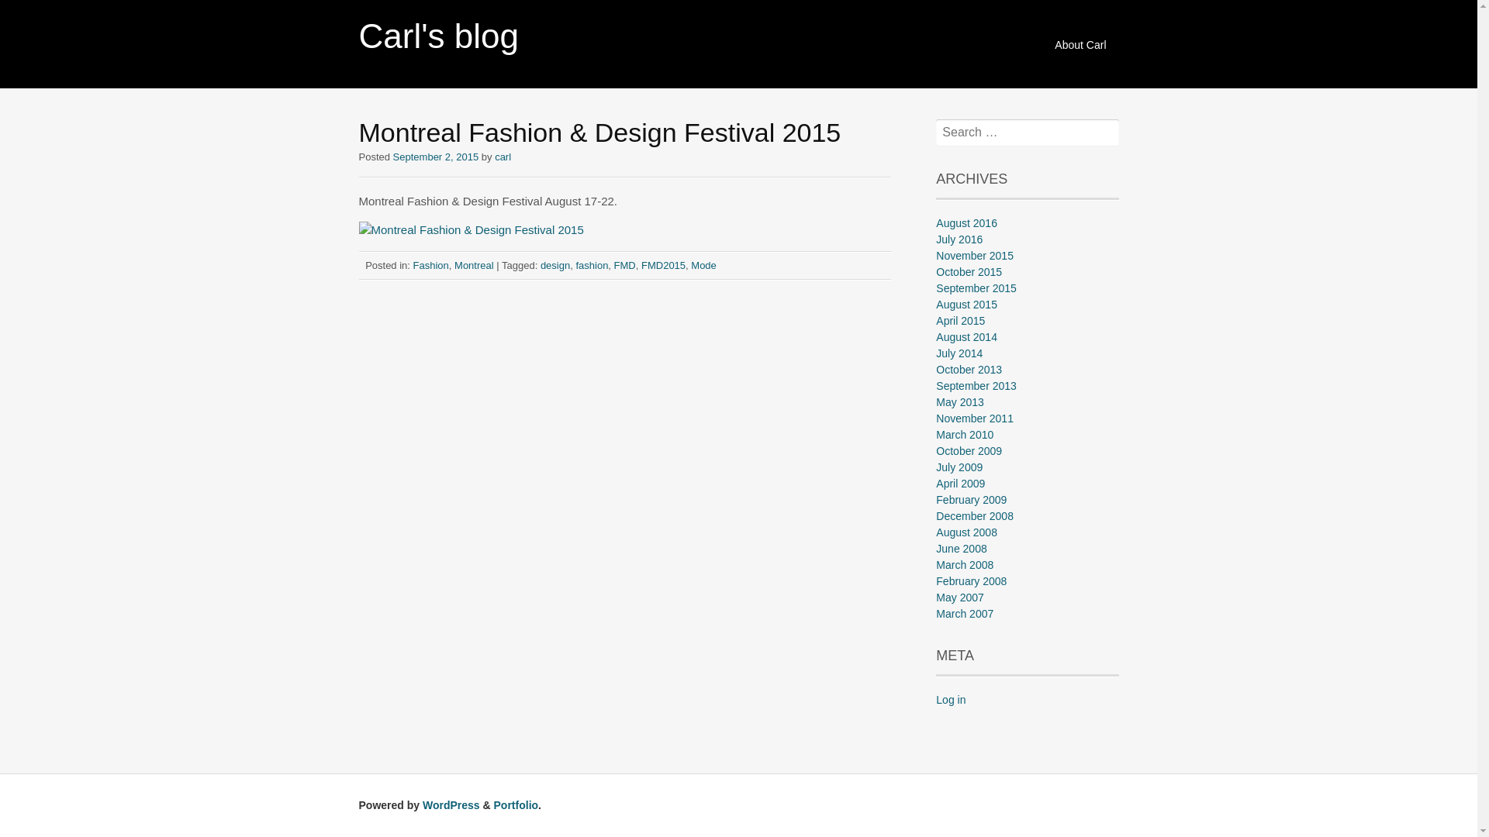 This screenshot has height=837, width=1489. What do you see at coordinates (968, 451) in the screenshot?
I see `'October 2009'` at bounding box center [968, 451].